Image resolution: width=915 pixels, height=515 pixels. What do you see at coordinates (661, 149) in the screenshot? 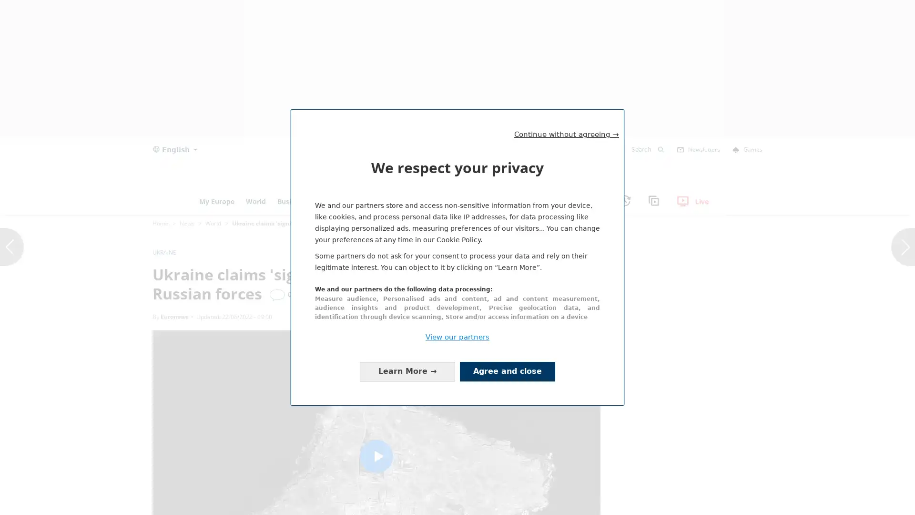
I see `search button` at bounding box center [661, 149].